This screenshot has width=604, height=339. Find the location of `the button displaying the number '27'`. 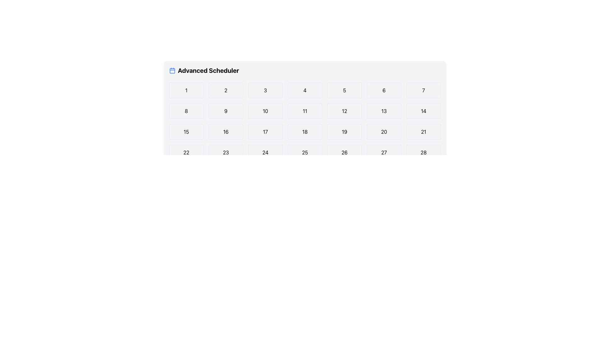

the button displaying the number '27' is located at coordinates (383, 153).